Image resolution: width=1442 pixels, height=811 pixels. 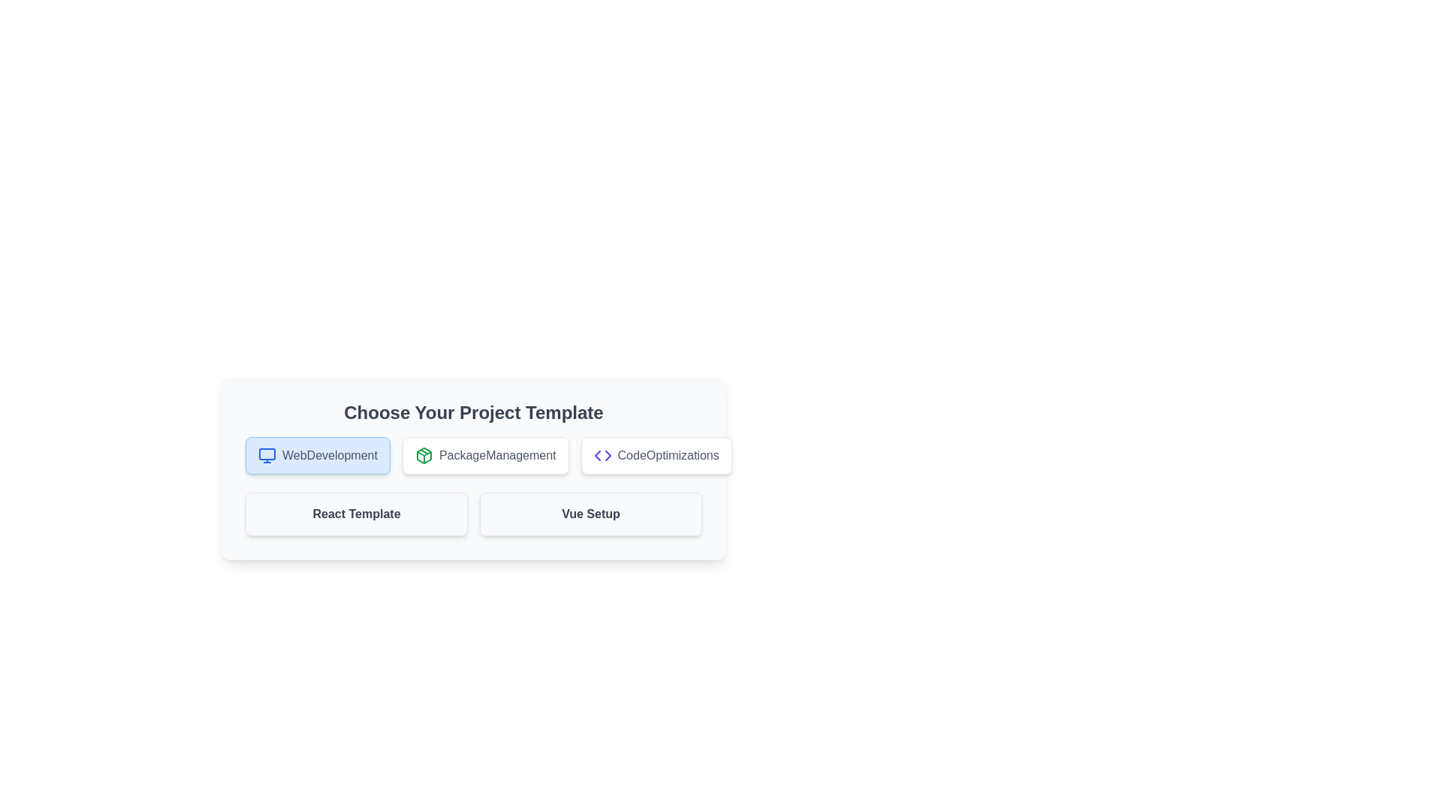 I want to click on the 'PackageManagement' button, which has a white background and contains a green 3D package icon, so click(x=472, y=454).